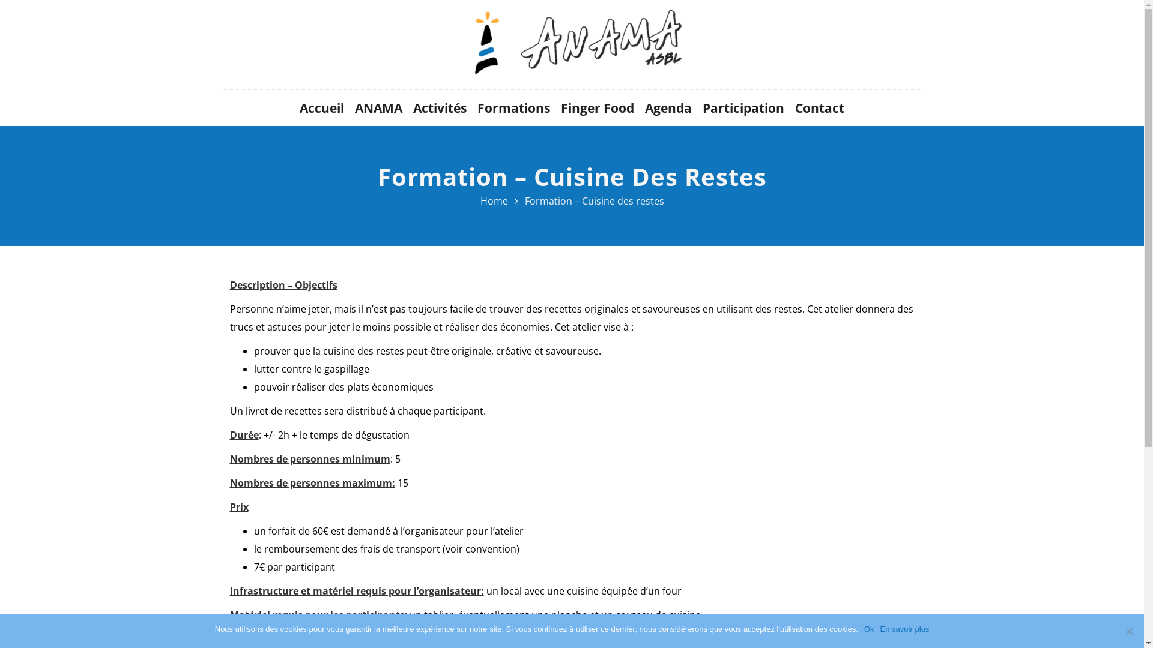 This screenshot has height=648, width=1153. What do you see at coordinates (494, 200) in the screenshot?
I see `'Home'` at bounding box center [494, 200].